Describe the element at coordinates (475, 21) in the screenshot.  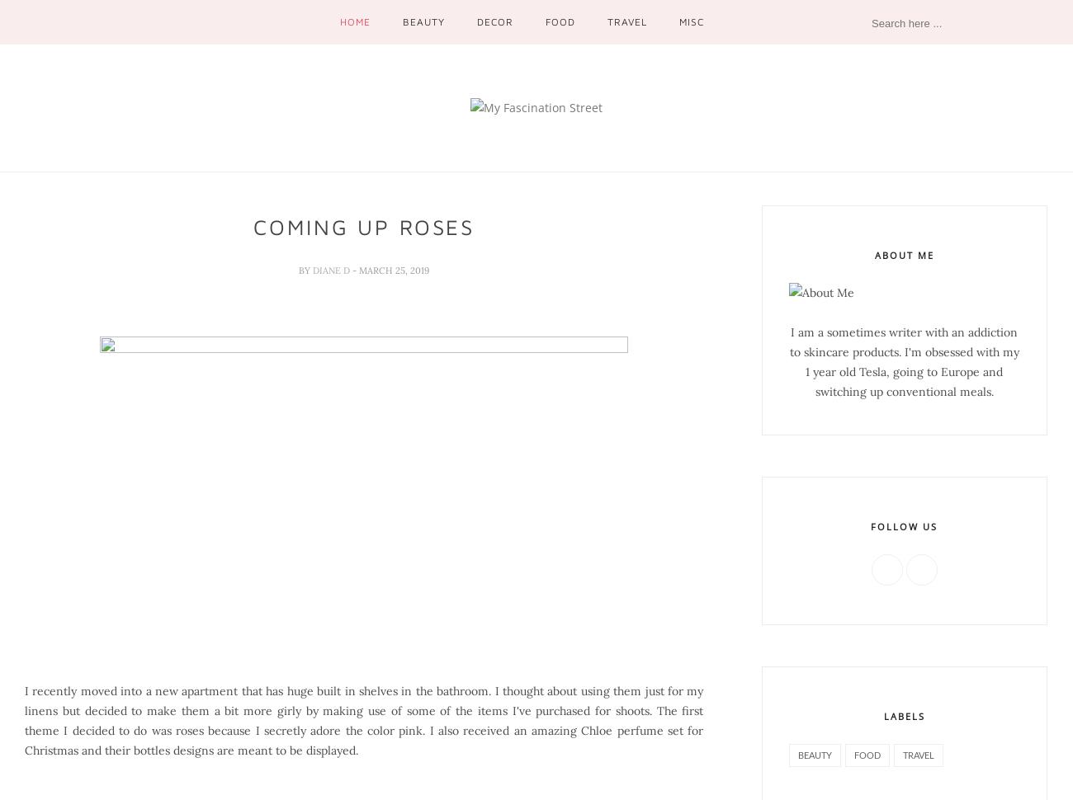
I see `'Decor'` at that location.